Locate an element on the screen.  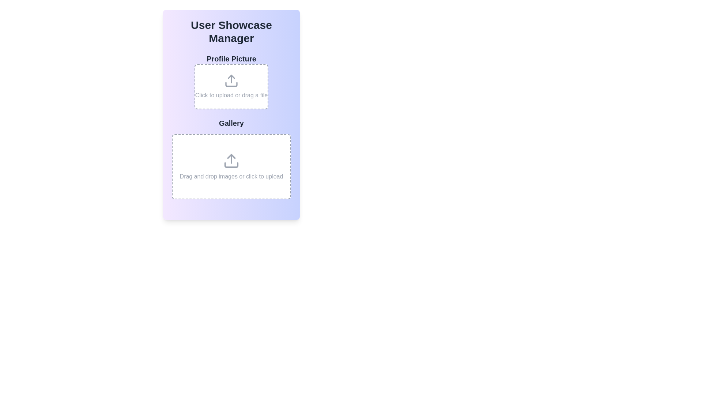
and drop files into the interactive file upload area located below the title 'Gallery' is located at coordinates (231, 166).